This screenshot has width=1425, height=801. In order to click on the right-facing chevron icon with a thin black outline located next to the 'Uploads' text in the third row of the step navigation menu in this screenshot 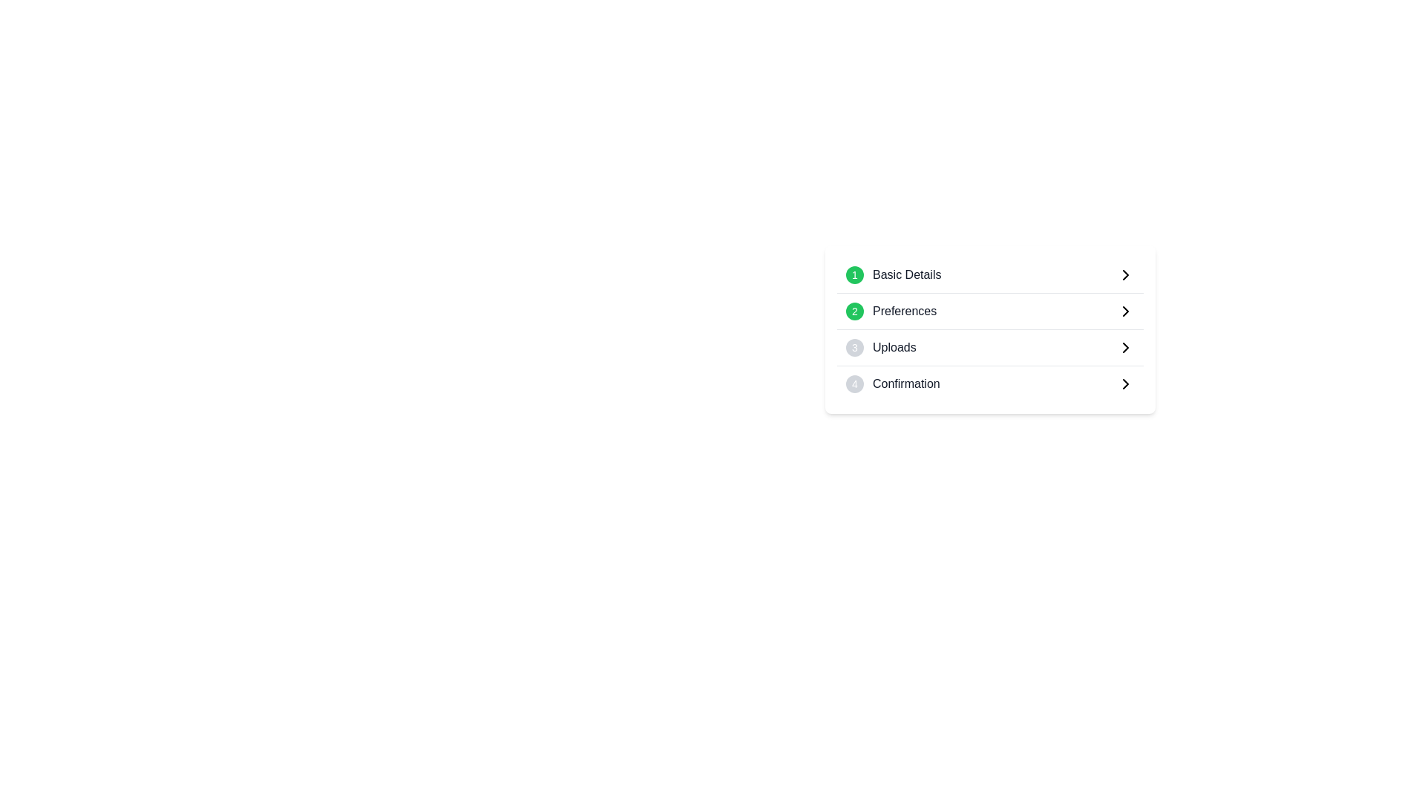, I will do `click(1125, 348)`.